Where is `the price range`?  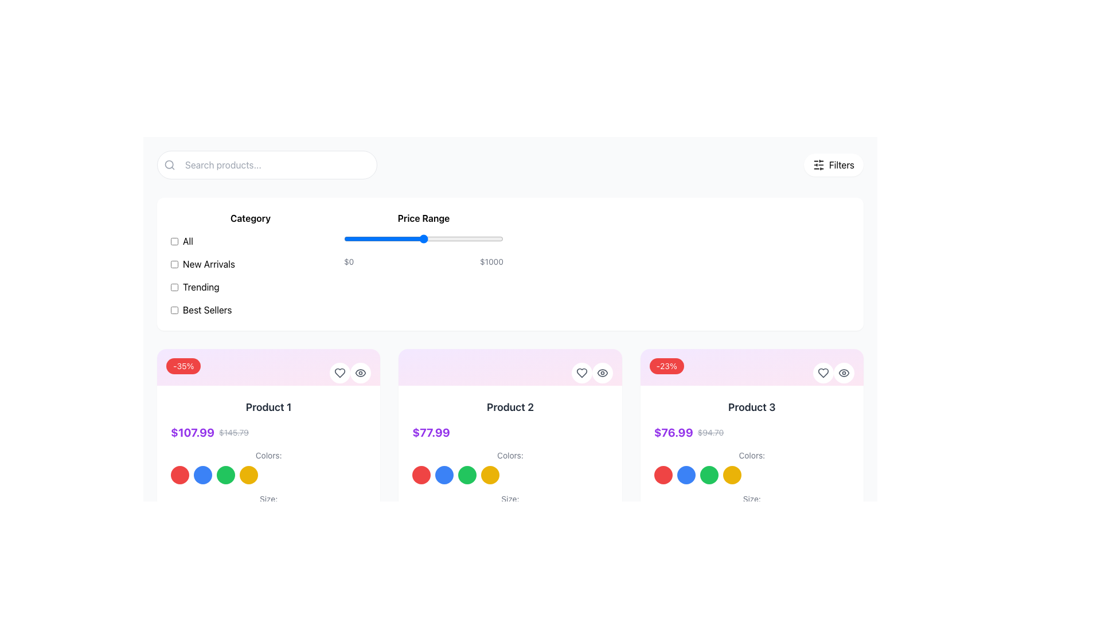
the price range is located at coordinates (392, 238).